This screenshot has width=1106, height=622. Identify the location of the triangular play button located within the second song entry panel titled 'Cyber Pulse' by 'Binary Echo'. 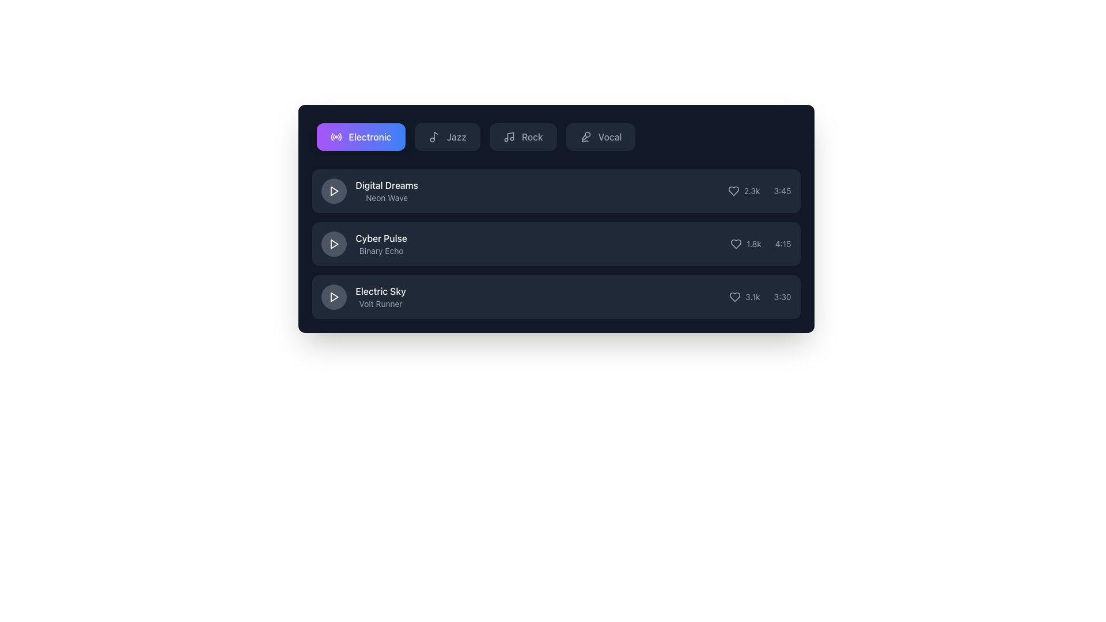
(334, 244).